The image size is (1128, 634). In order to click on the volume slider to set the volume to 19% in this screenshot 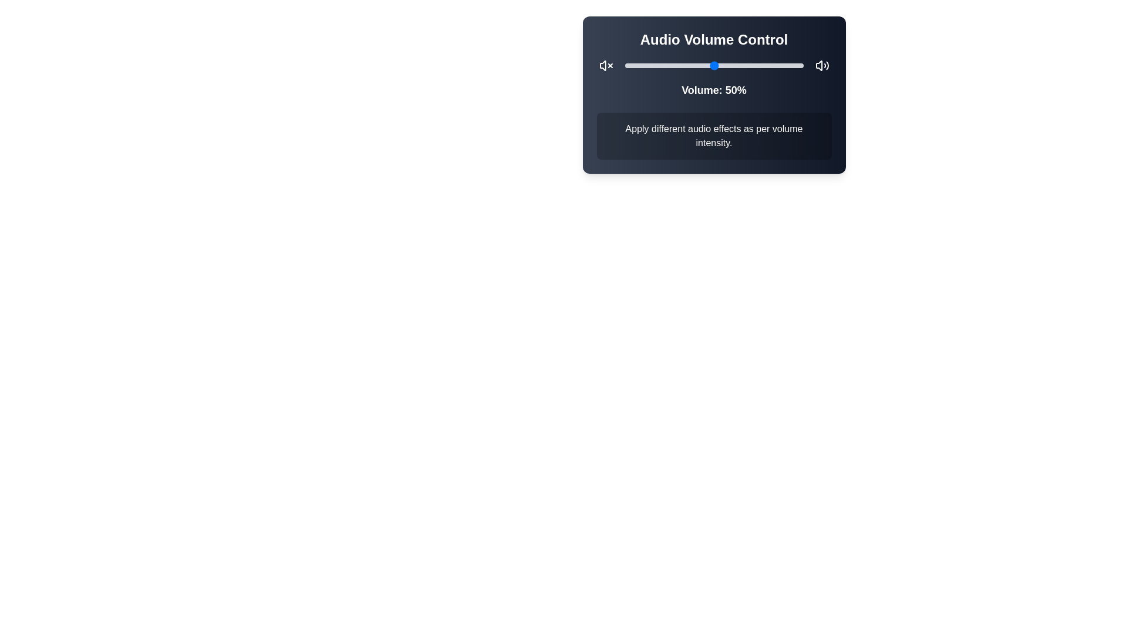, I will do `click(659, 65)`.